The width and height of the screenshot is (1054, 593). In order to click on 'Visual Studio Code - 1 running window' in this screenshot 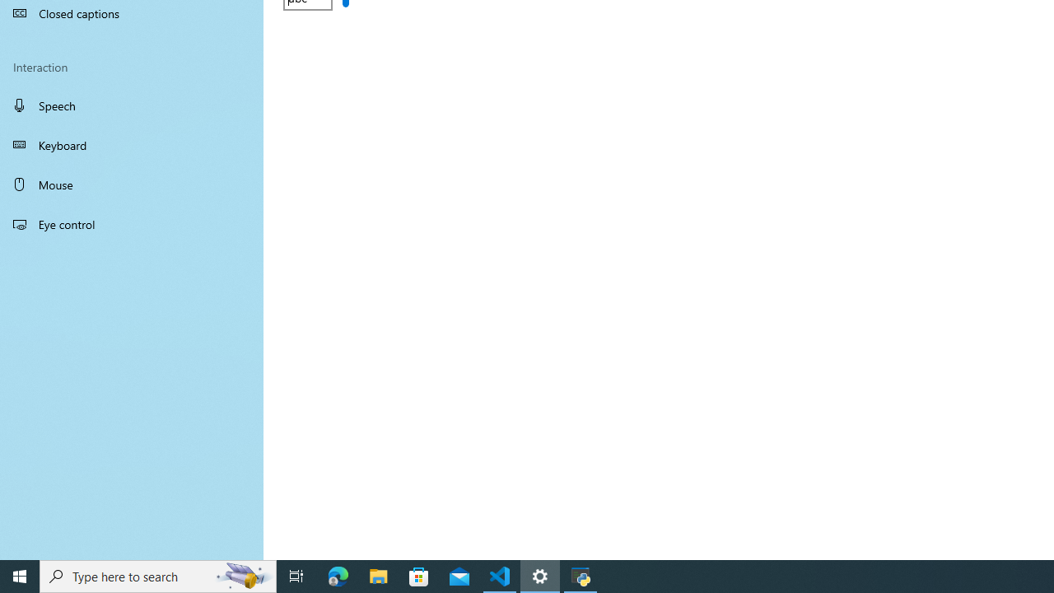, I will do `click(499, 575)`.